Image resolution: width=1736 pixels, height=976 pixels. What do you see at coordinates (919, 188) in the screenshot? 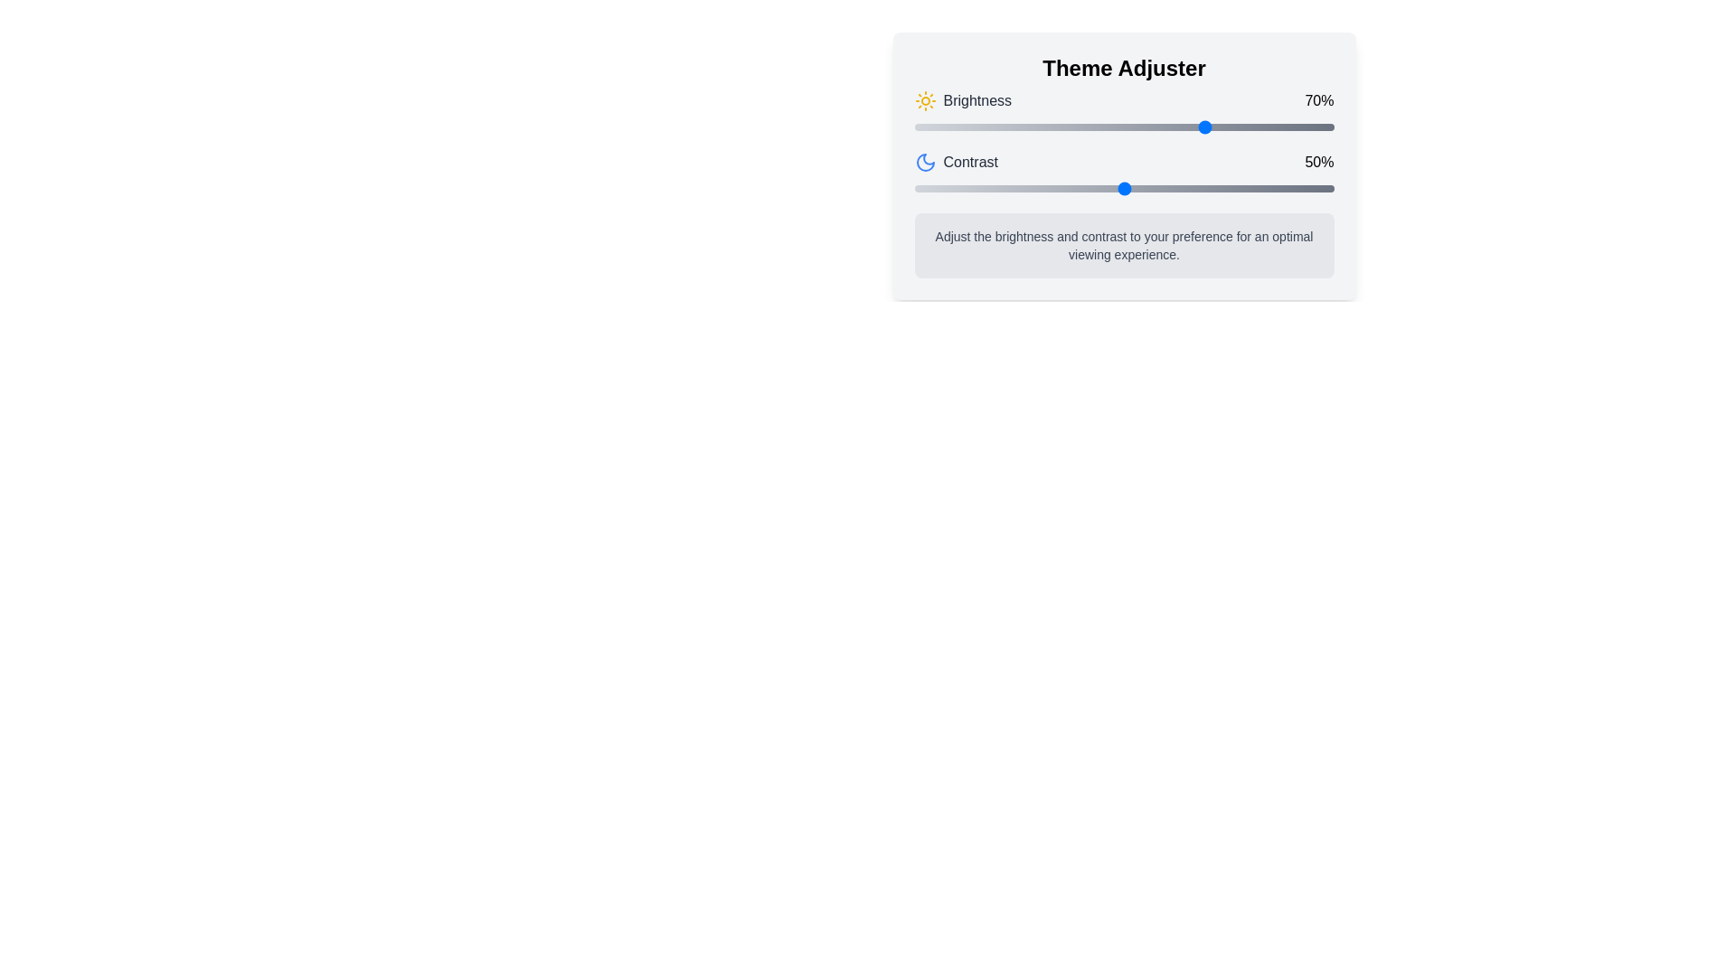
I see `the contrast level` at bounding box center [919, 188].